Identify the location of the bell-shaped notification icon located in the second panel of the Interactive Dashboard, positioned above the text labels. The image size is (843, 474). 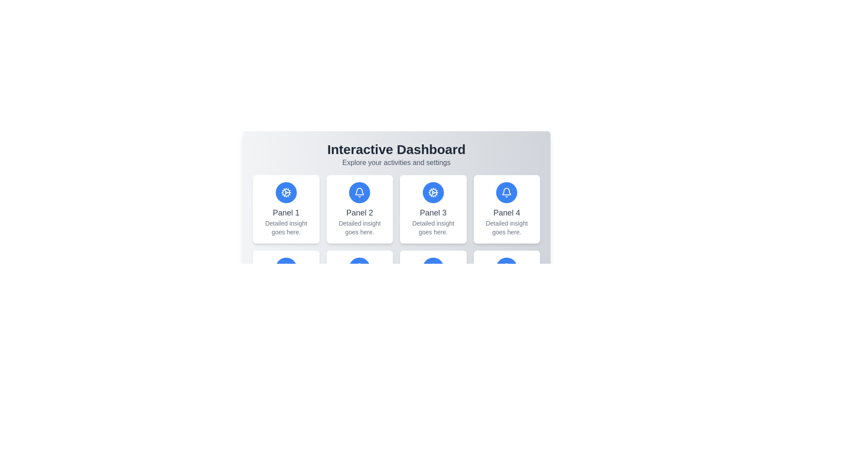
(360, 266).